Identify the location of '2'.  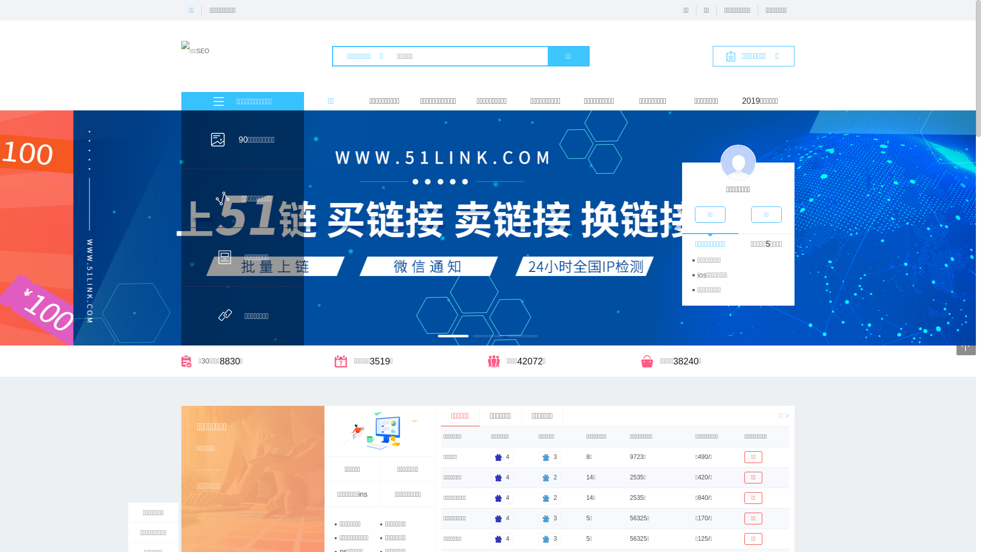
(549, 477).